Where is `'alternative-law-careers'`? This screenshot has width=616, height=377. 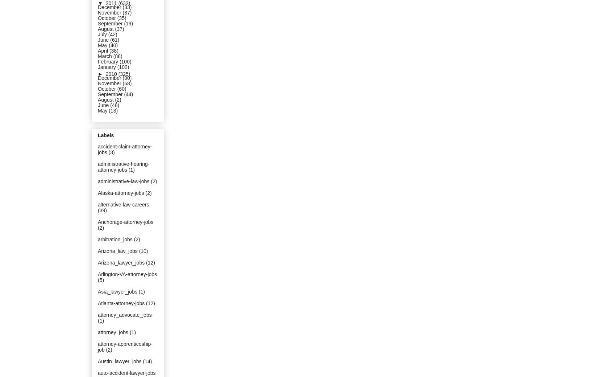
'alternative-law-careers' is located at coordinates (123, 204).